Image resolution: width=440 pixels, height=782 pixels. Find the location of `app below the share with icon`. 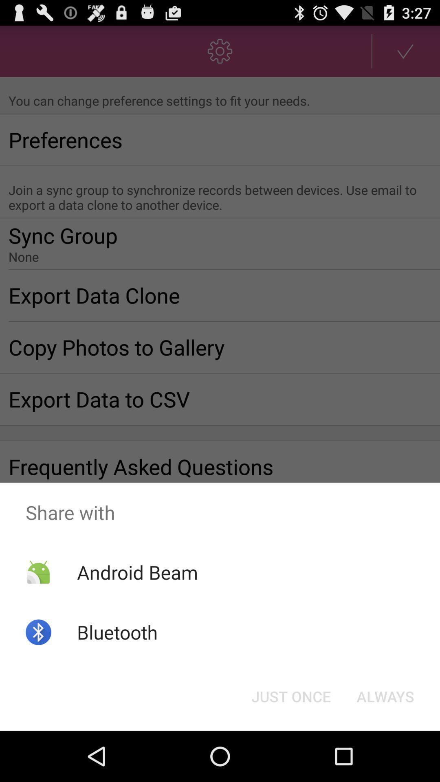

app below the share with icon is located at coordinates (290, 696).